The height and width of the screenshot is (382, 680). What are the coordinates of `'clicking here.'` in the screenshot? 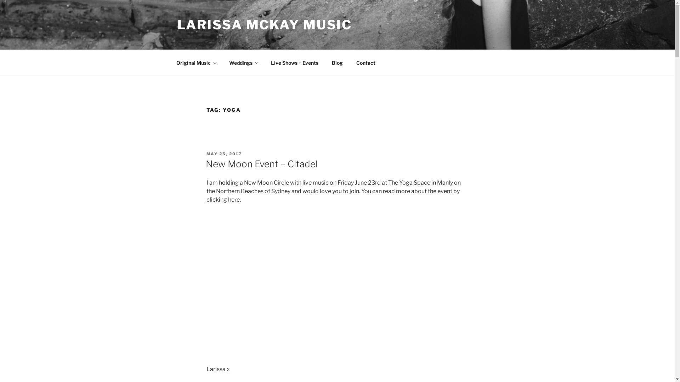 It's located at (223, 199).